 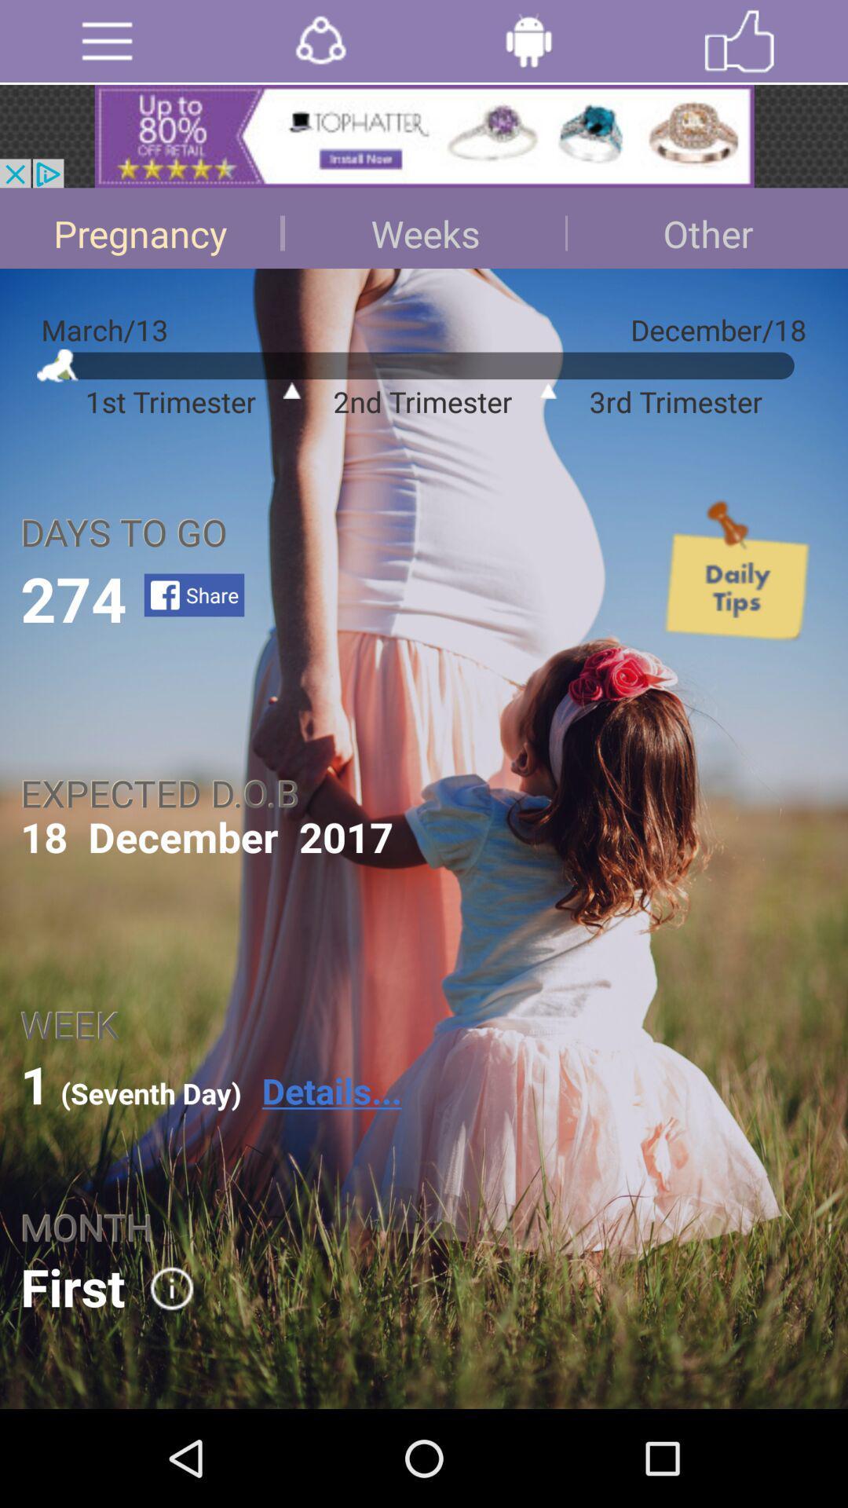 What do you see at coordinates (320, 41) in the screenshot?
I see `switch autoplay option` at bounding box center [320, 41].